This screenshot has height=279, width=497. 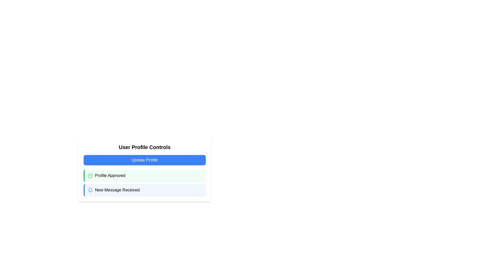 I want to click on the profile approved icon located within the notification card labeled 'Profile Approved' to visually indicate that the profile has been approved, so click(x=90, y=175).